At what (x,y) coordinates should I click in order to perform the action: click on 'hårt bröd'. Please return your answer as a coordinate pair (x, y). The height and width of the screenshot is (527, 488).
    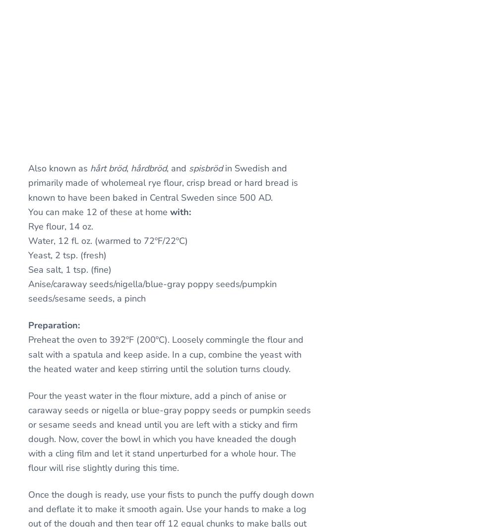
    Looking at the image, I should click on (108, 167).